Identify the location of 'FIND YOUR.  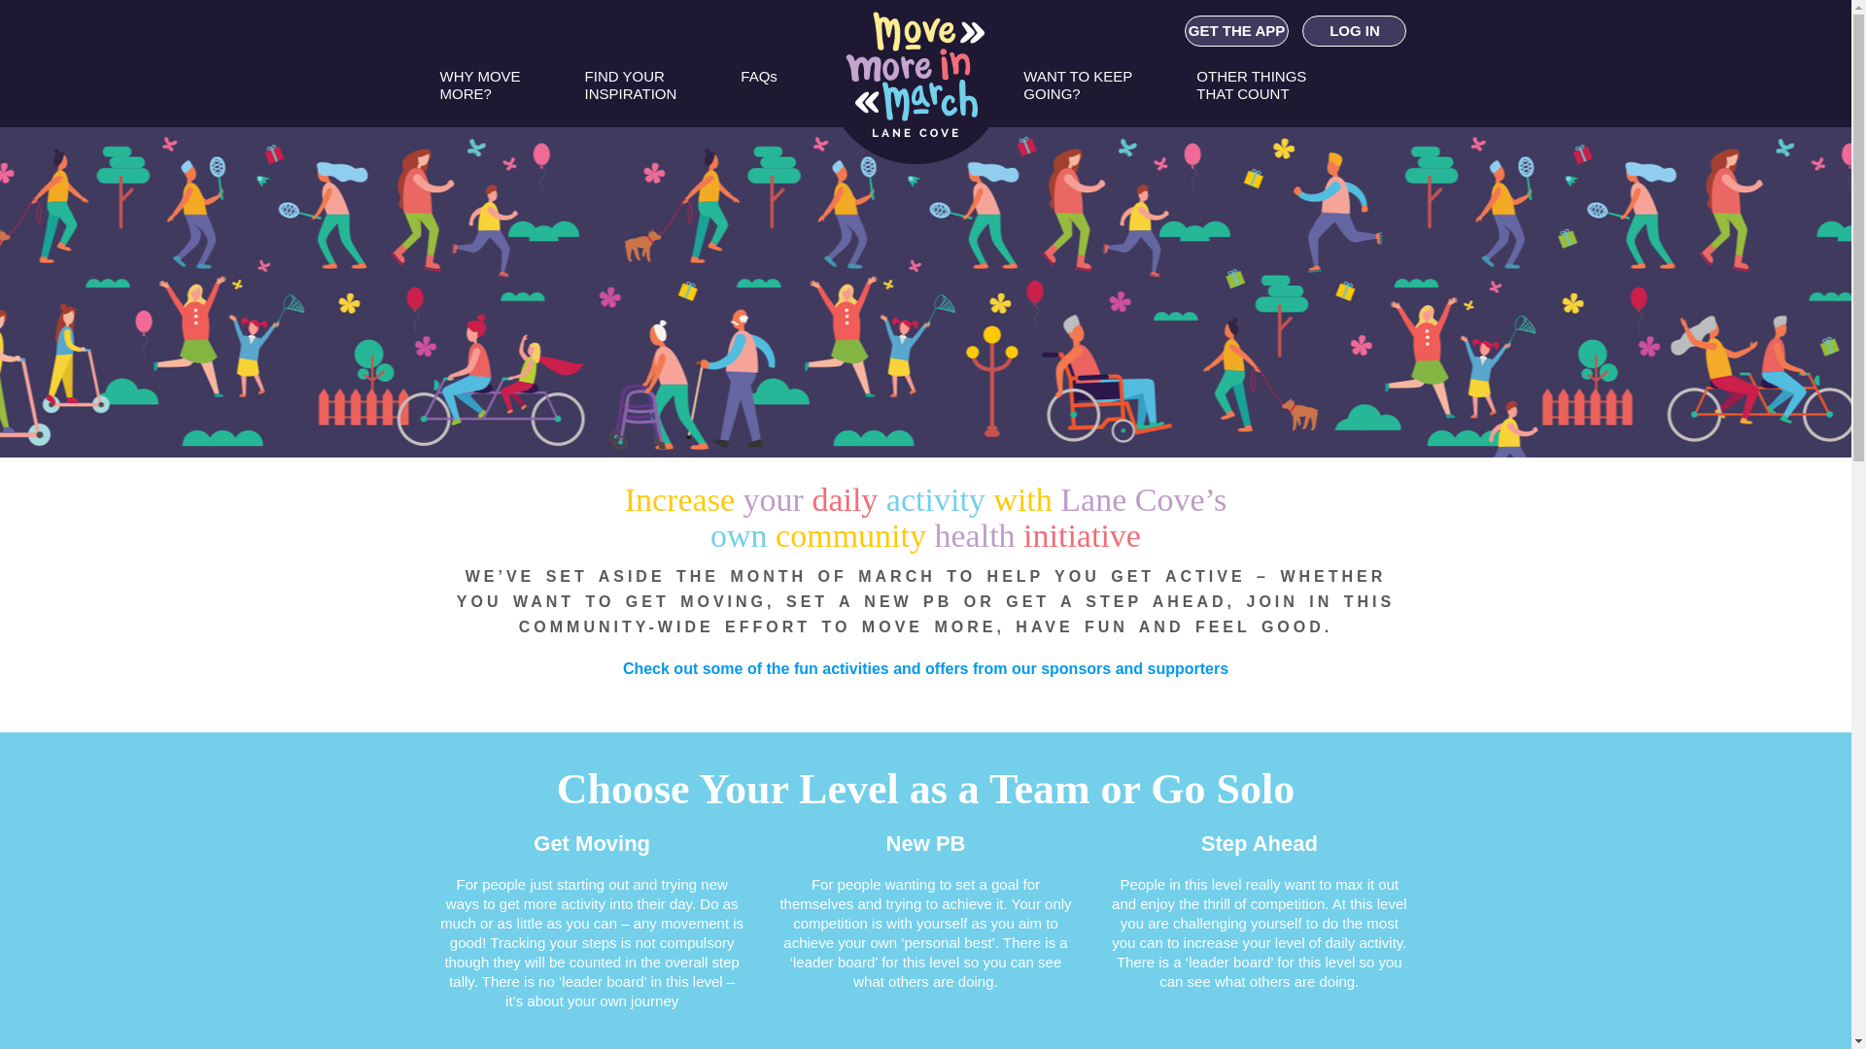
(631, 93).